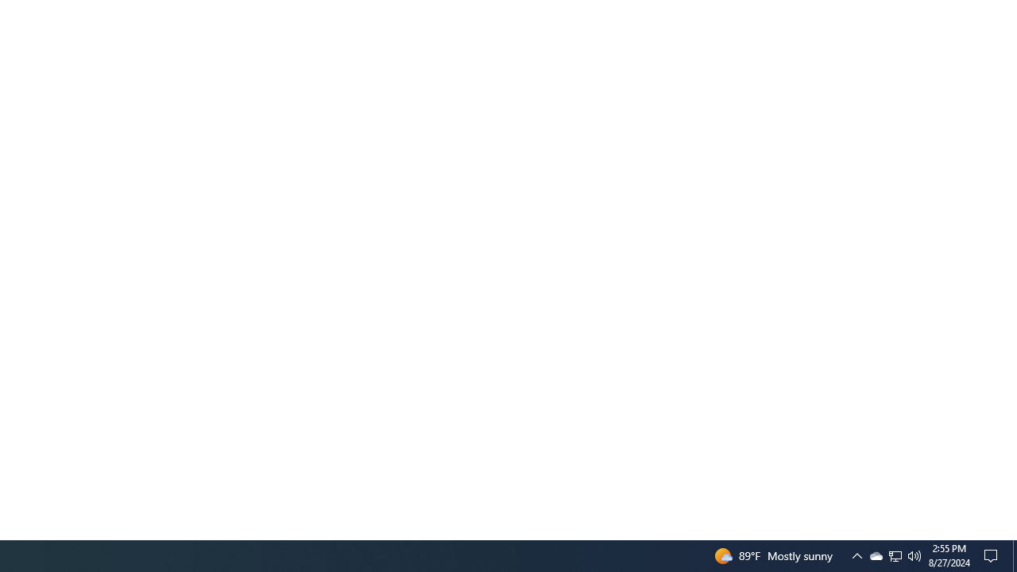 The image size is (1017, 572). Describe the element at coordinates (895, 555) in the screenshot. I see `'Notification Chevron'` at that location.